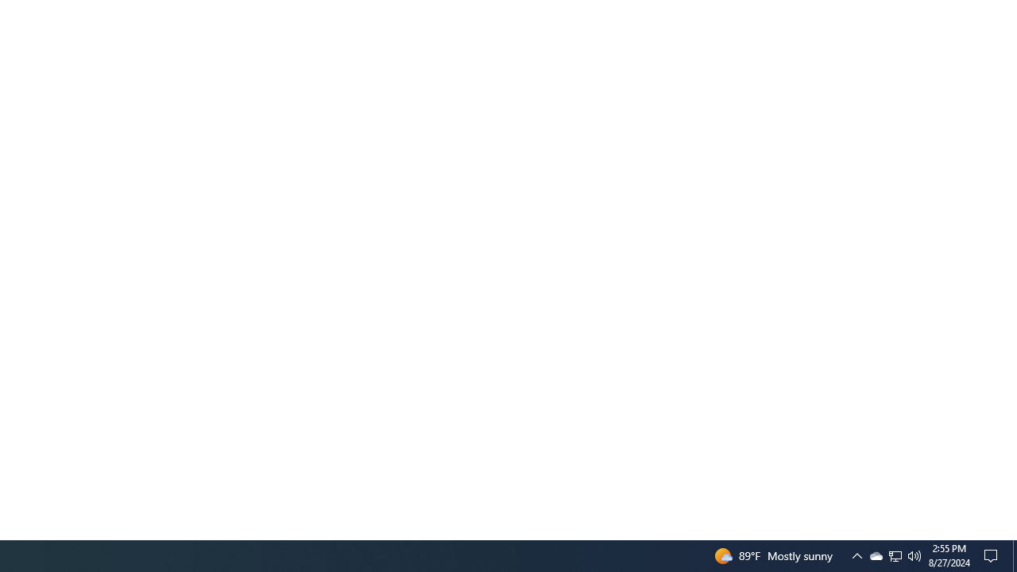 The image size is (1017, 572). Describe the element at coordinates (895, 555) in the screenshot. I see `'Notification Chevron'` at that location.